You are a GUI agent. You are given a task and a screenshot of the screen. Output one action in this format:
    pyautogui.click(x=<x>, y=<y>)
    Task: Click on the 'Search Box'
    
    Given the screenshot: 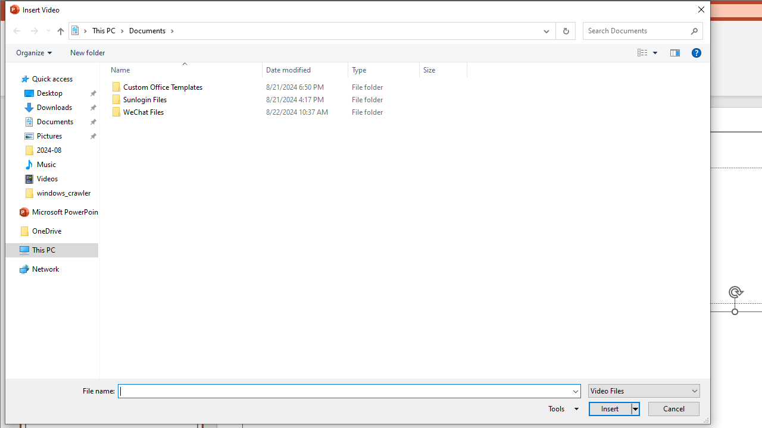 What is the action you would take?
    pyautogui.click(x=636, y=30)
    